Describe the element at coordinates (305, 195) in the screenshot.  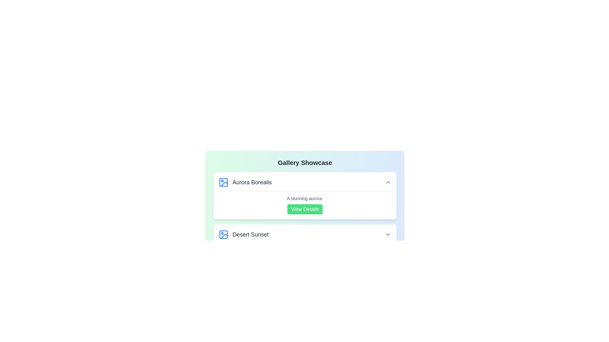
I see `the gallery item Aurora Borealis to observe its hover effect` at that location.